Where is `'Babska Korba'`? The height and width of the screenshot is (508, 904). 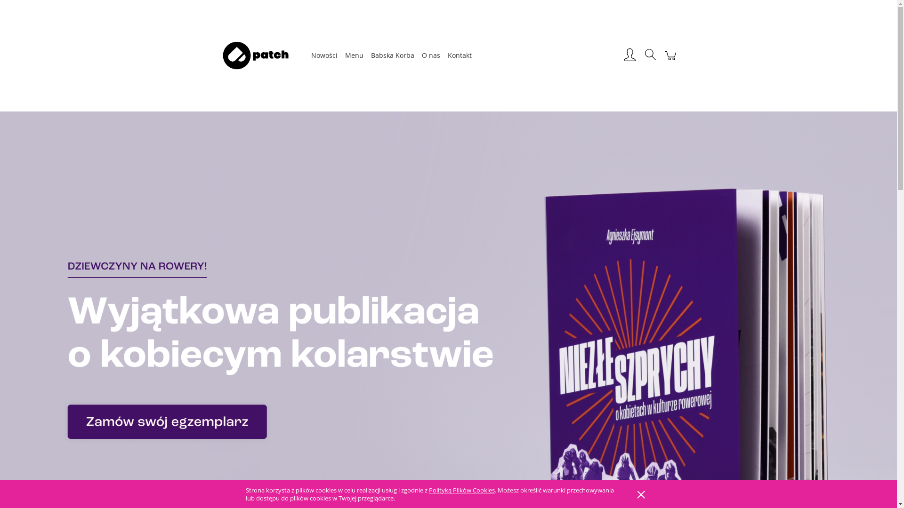 'Babska Korba' is located at coordinates (393, 55).